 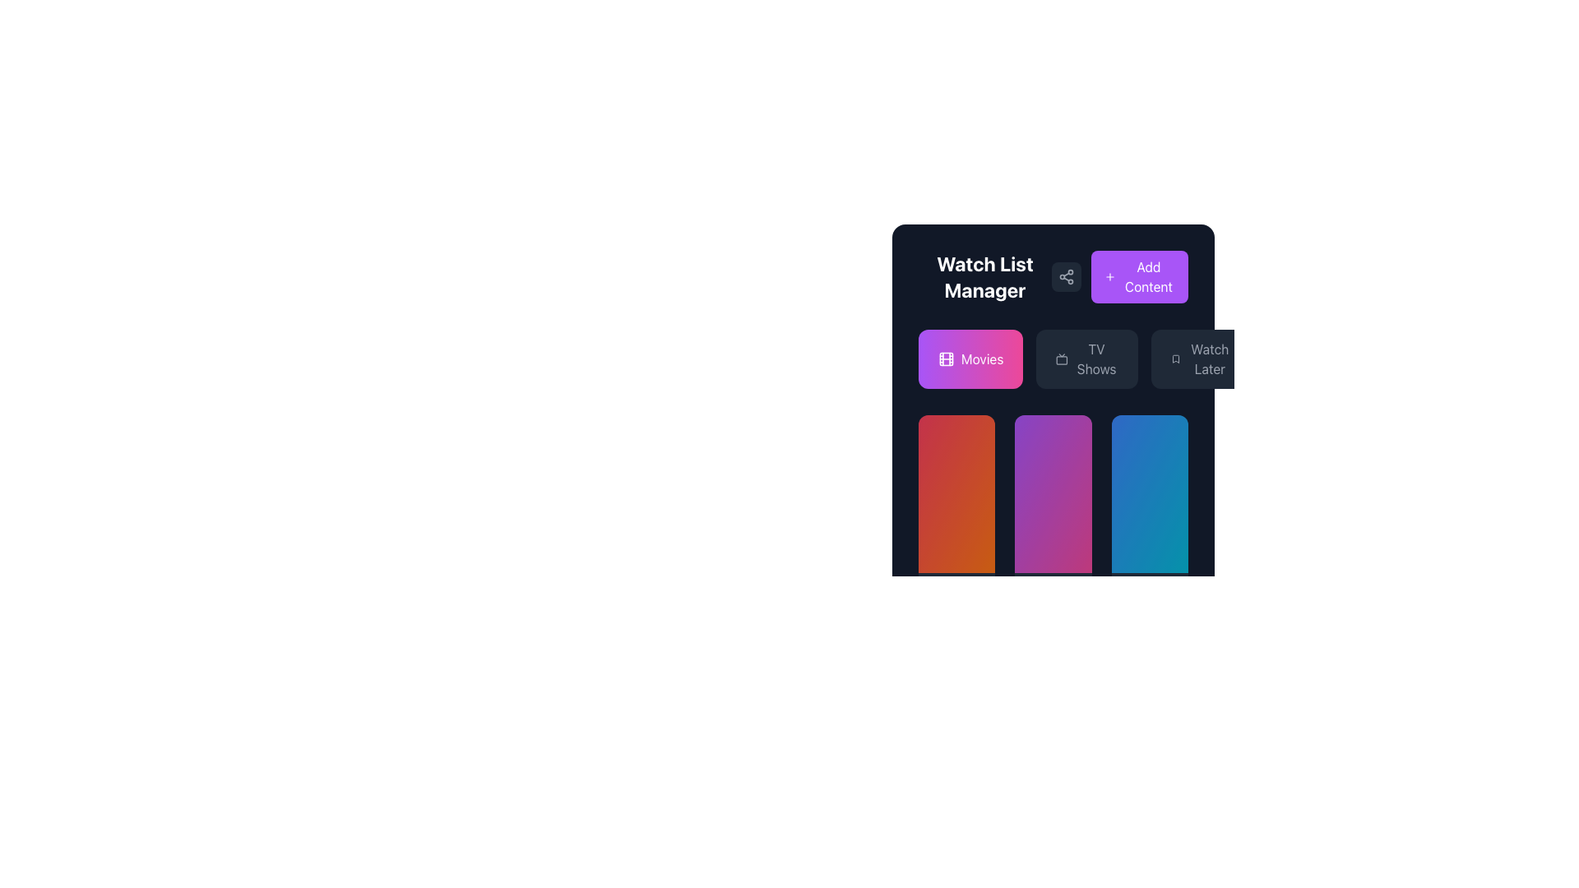 What do you see at coordinates (947, 358) in the screenshot?
I see `the film roll icon located to the left of the 'Movies' text within the top-left button of the interface` at bounding box center [947, 358].